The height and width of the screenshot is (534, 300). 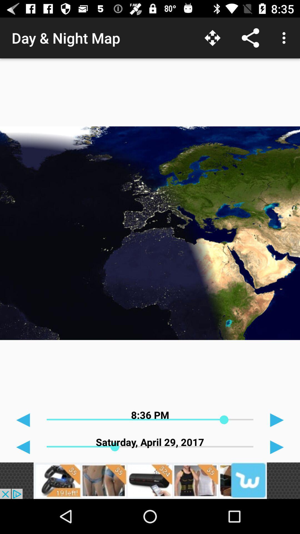 I want to click on the arrow_backward icon, so click(x=23, y=420).